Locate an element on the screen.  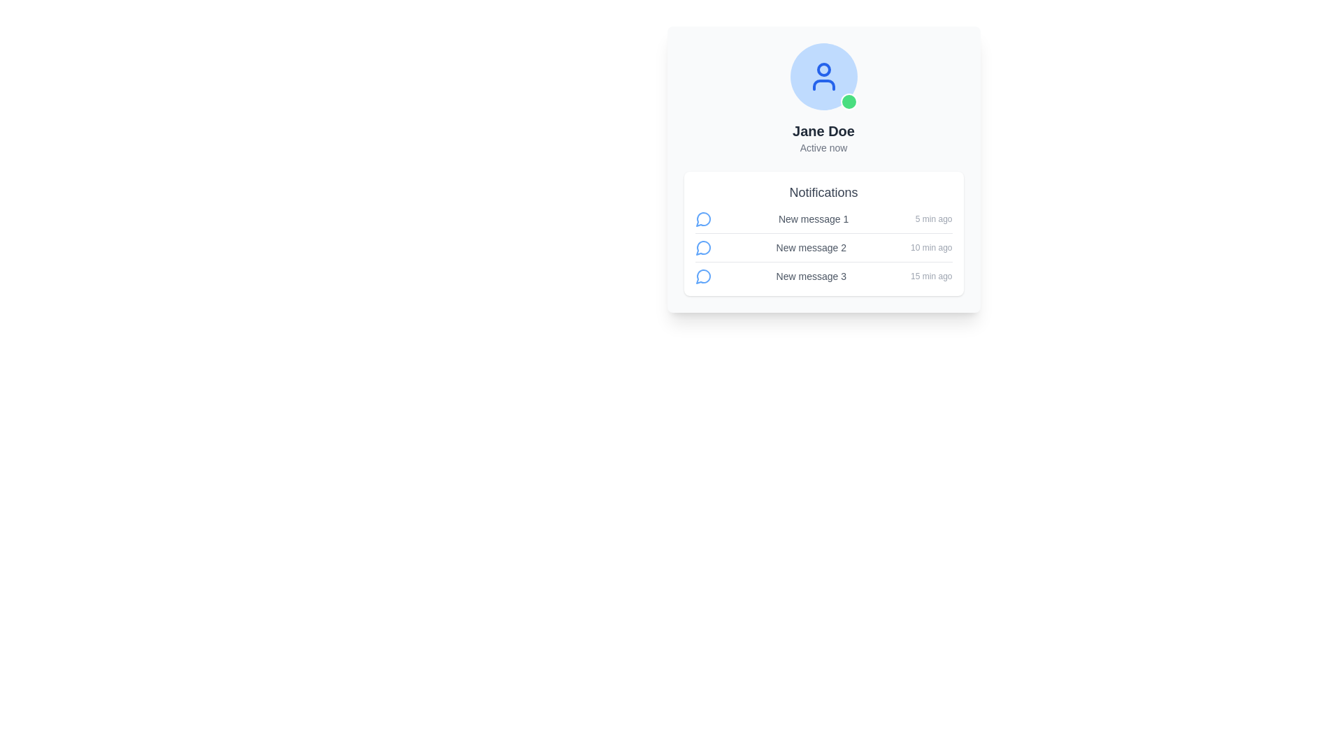
the third entry in the vertical list of notifications, which contains an icon, descriptive text, and a timestamp is located at coordinates (823, 276).